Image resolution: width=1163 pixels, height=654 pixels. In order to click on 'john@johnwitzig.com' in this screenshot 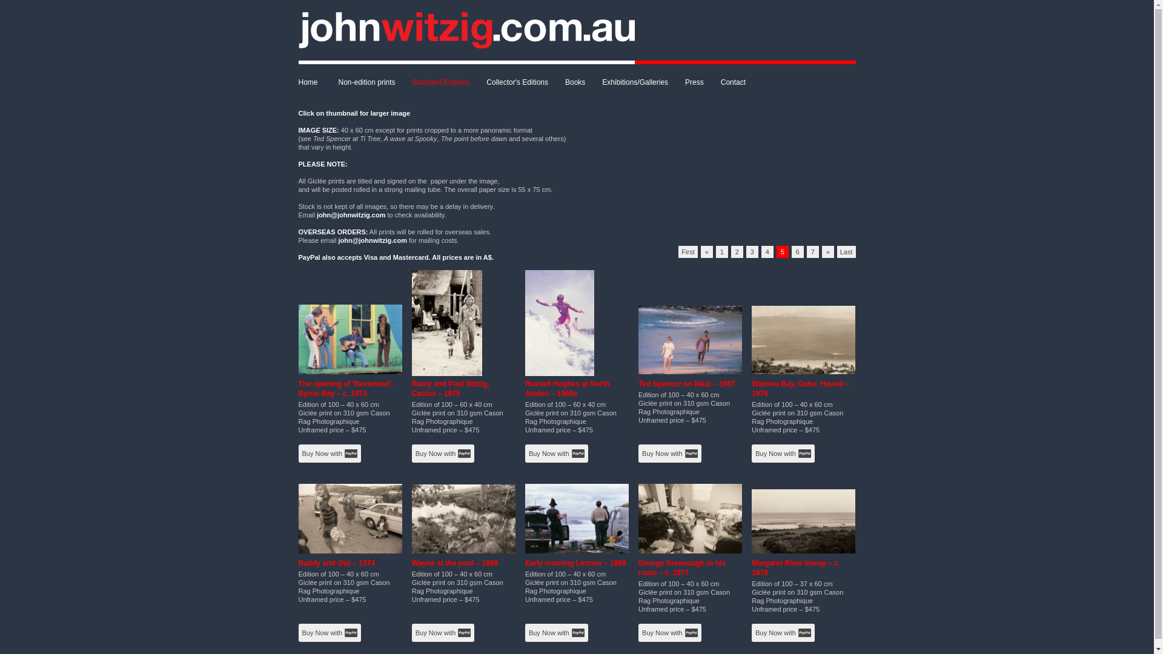, I will do `click(372, 240)`.